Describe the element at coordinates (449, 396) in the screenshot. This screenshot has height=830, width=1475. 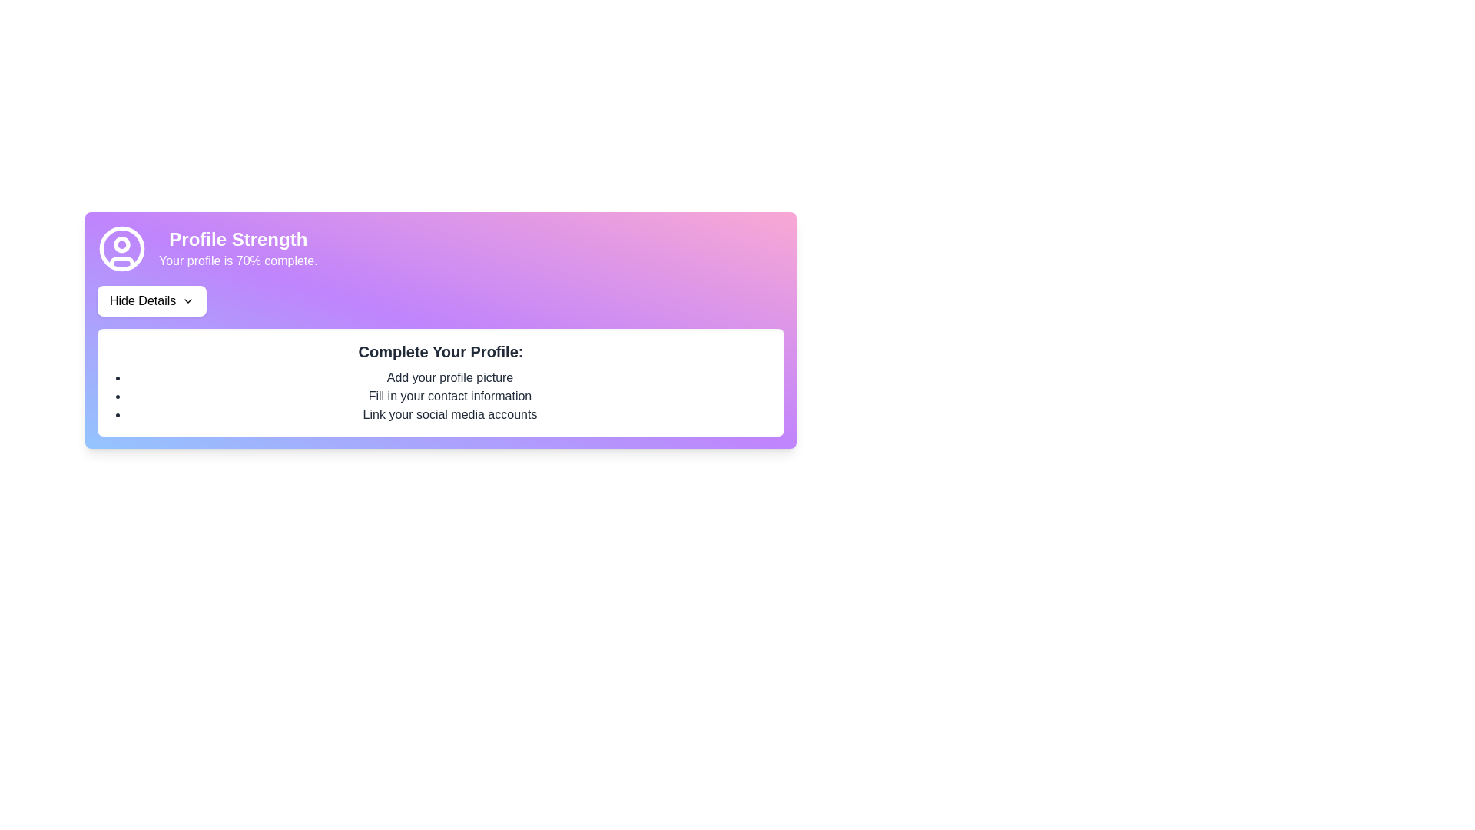
I see `the individual items of the unordered list that contains the tasks 'Add your profile picture,' 'Fill in your contact information,' and 'Link your social media accounts.'` at that location.